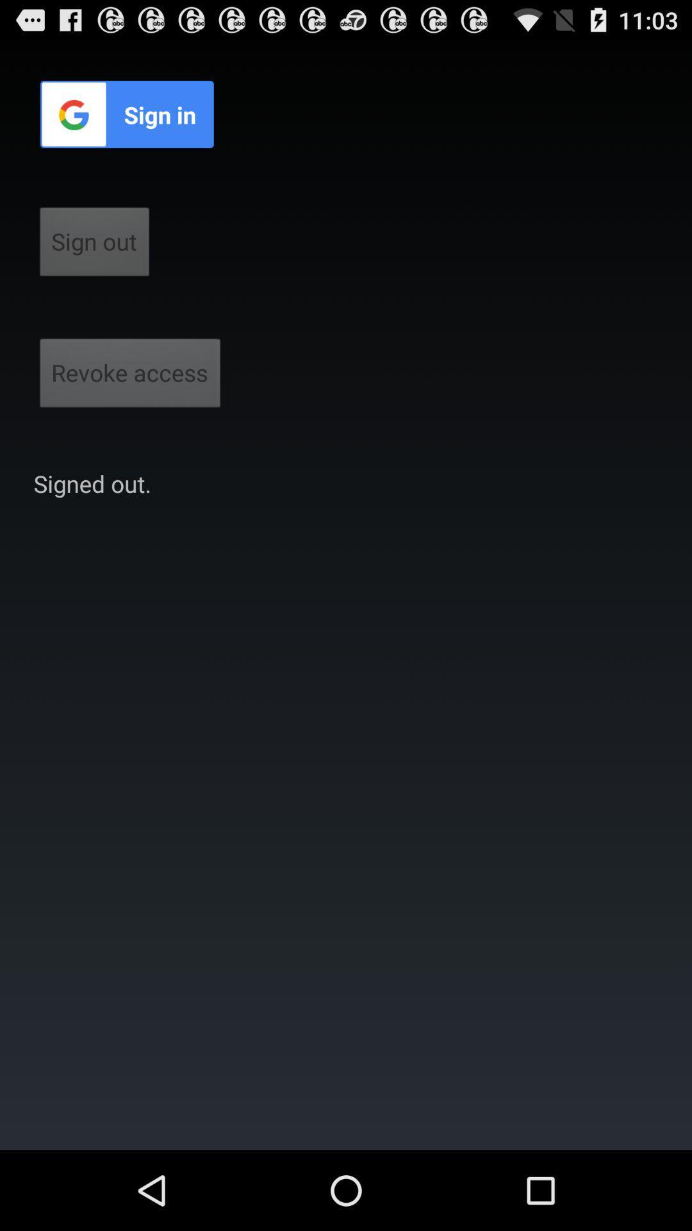 This screenshot has width=692, height=1231. What do you see at coordinates (94, 246) in the screenshot?
I see `the icon above the revoke access item` at bounding box center [94, 246].